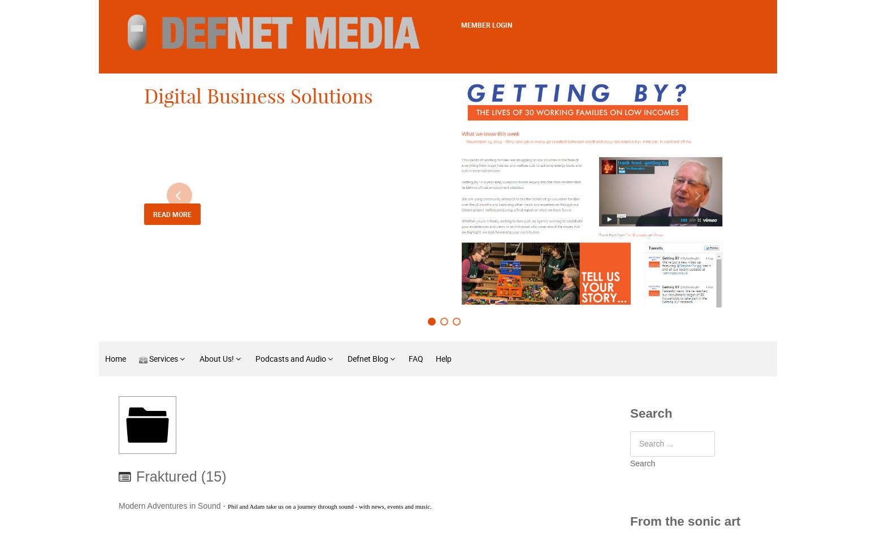  Describe the element at coordinates (435, 358) in the screenshot. I see `'Help'` at that location.